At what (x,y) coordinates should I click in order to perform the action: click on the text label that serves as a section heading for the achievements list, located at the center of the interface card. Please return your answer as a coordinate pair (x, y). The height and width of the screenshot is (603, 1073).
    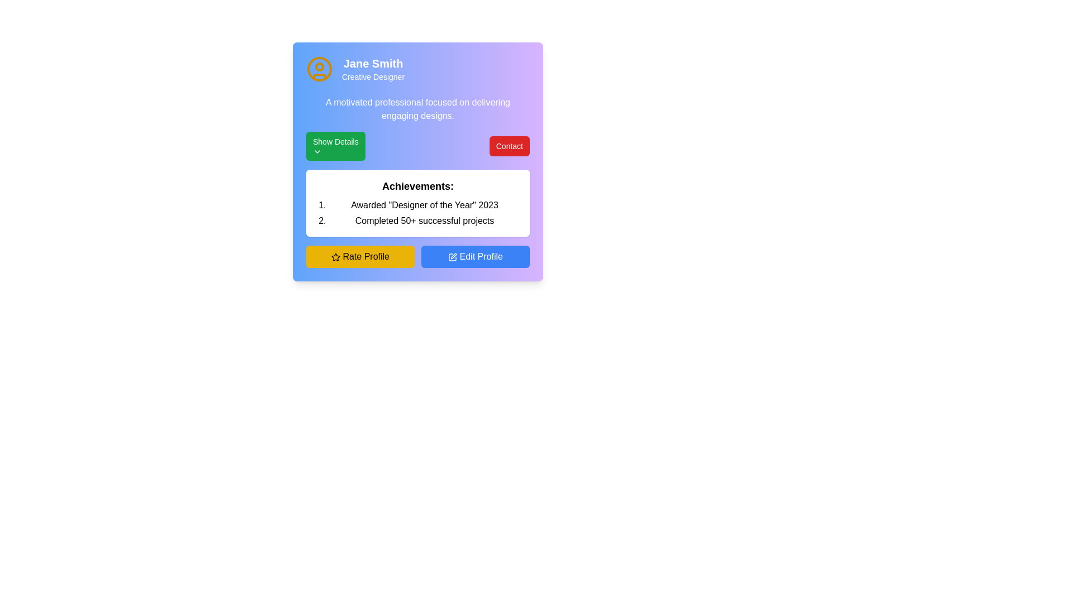
    Looking at the image, I should click on (417, 186).